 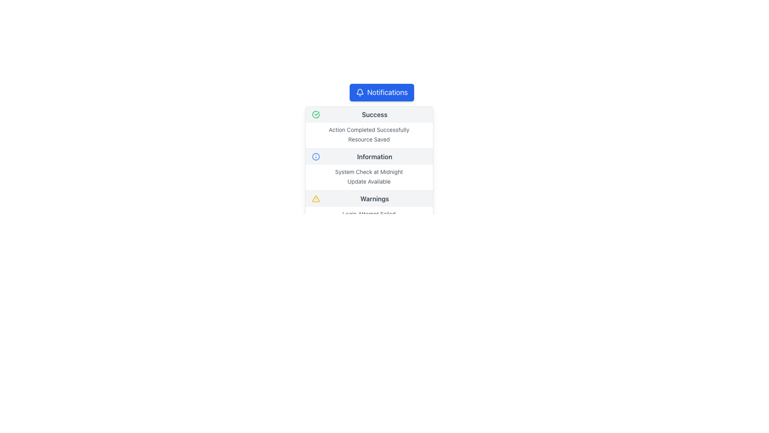 I want to click on the 'Warnings' label which features bold text and a yellow alert icon, located in the third row of the notification list, so click(x=368, y=198).